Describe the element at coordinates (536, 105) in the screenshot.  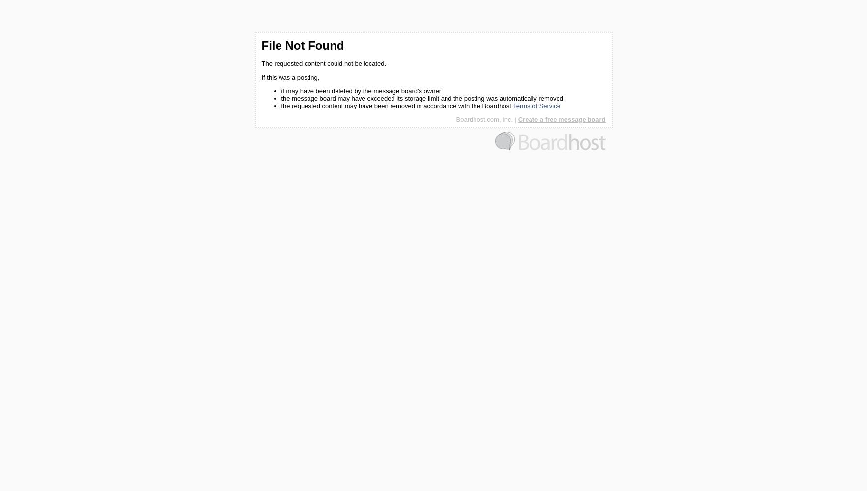
I see `'Terms of Service'` at that location.